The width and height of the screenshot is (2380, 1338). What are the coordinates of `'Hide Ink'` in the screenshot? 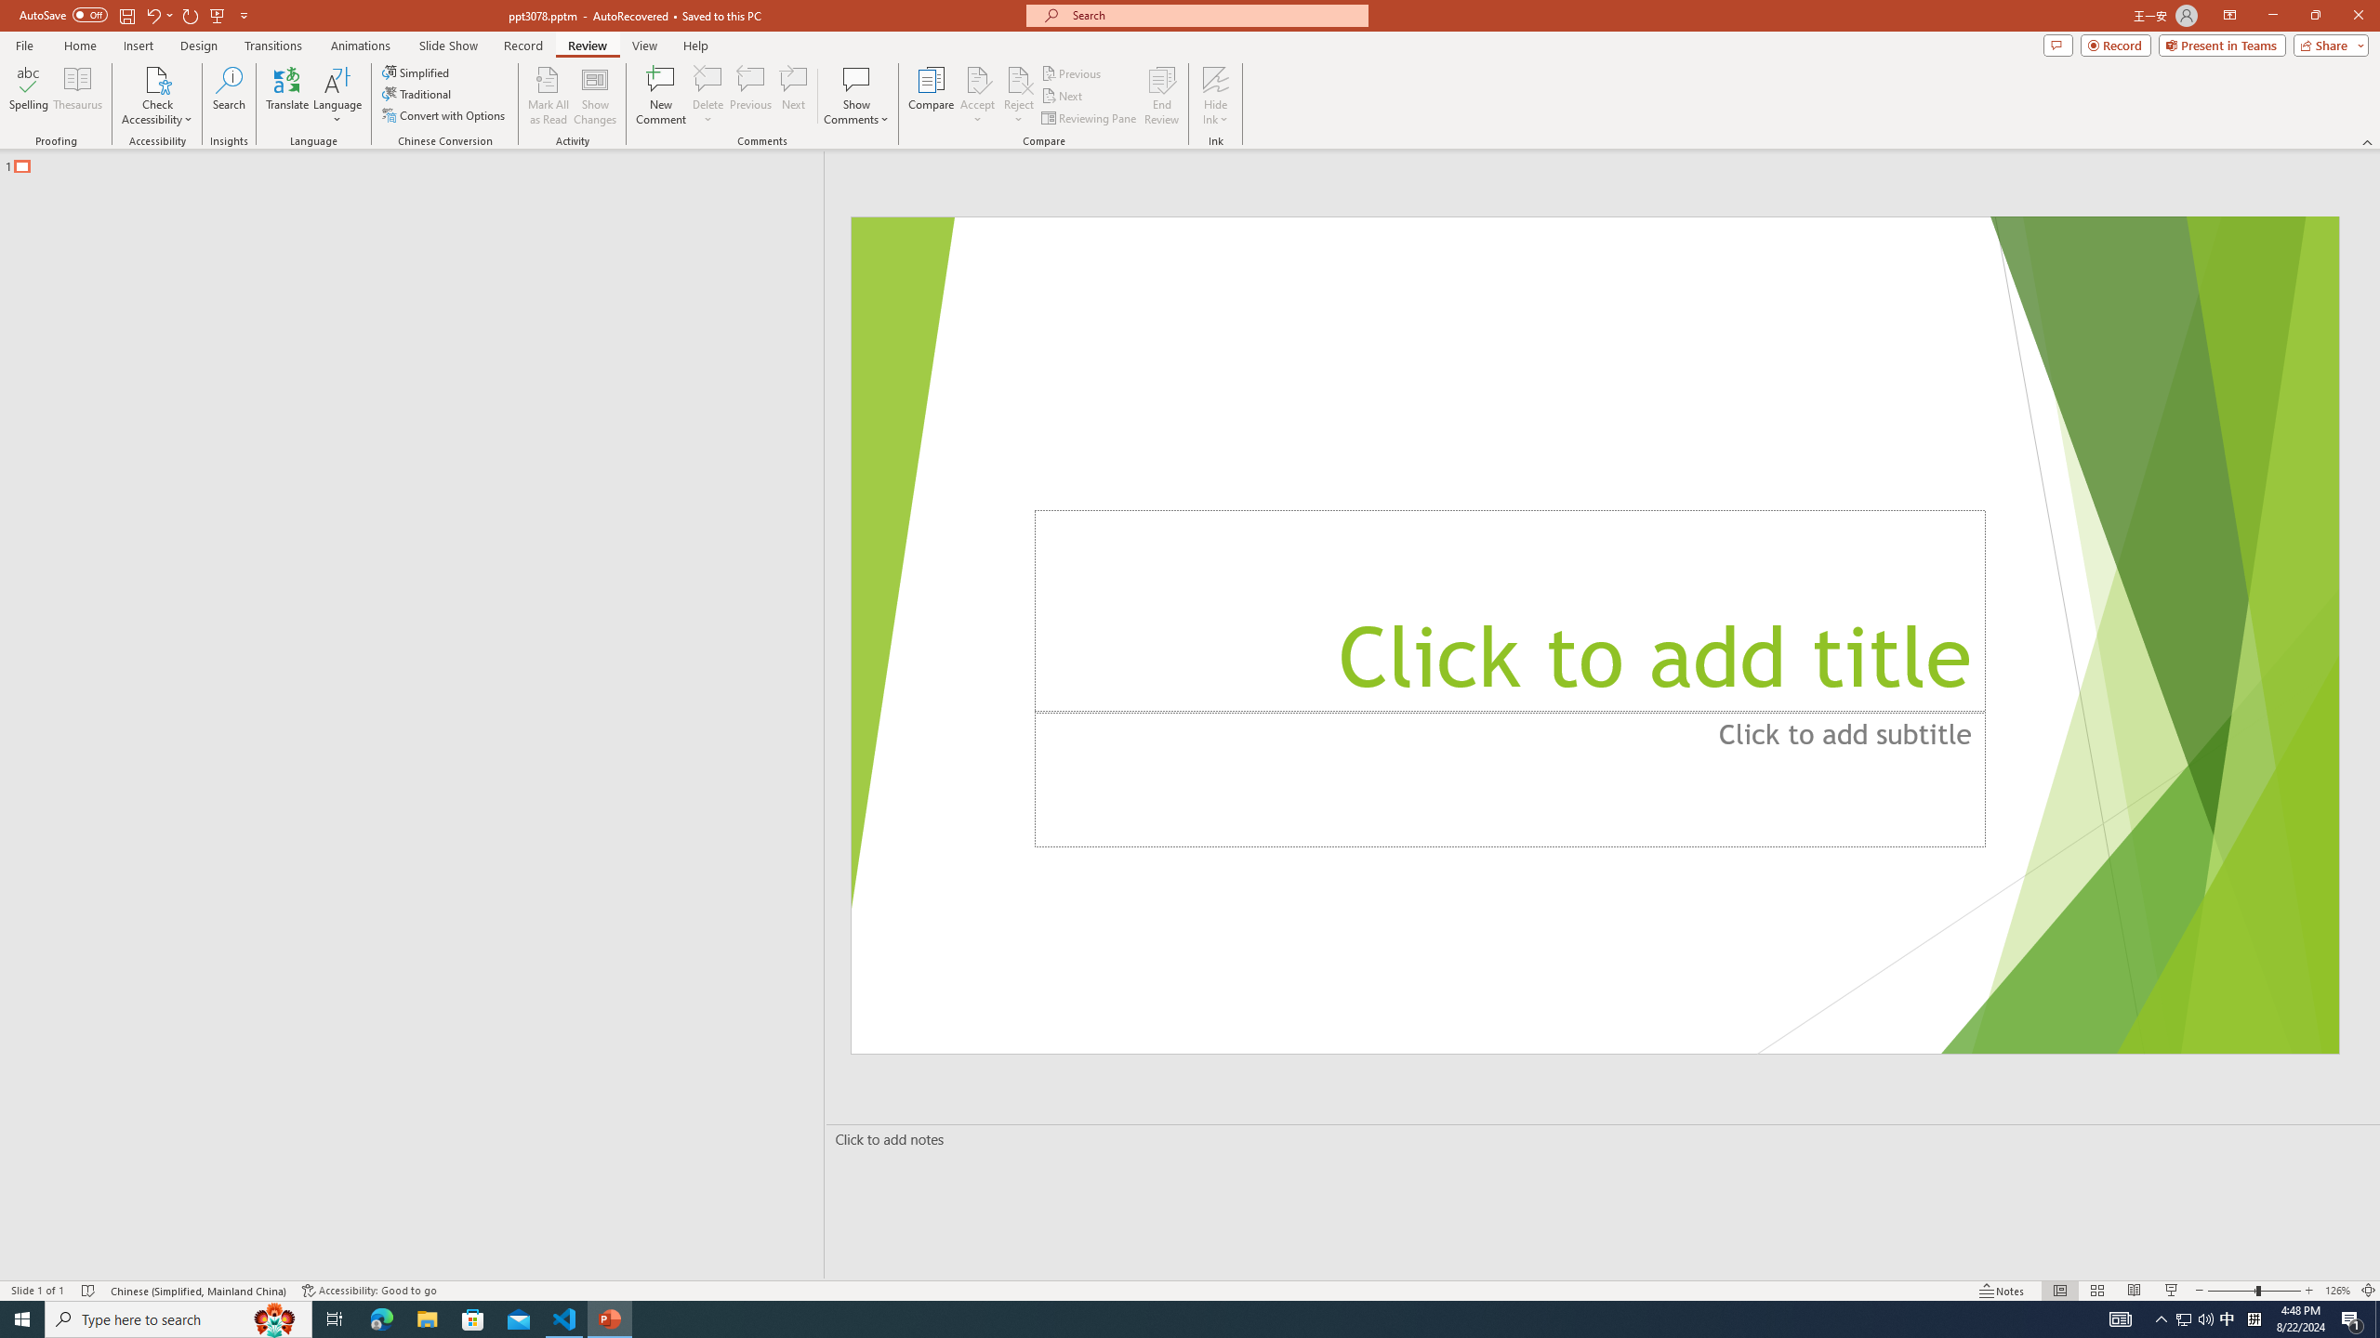 It's located at (1216, 96).